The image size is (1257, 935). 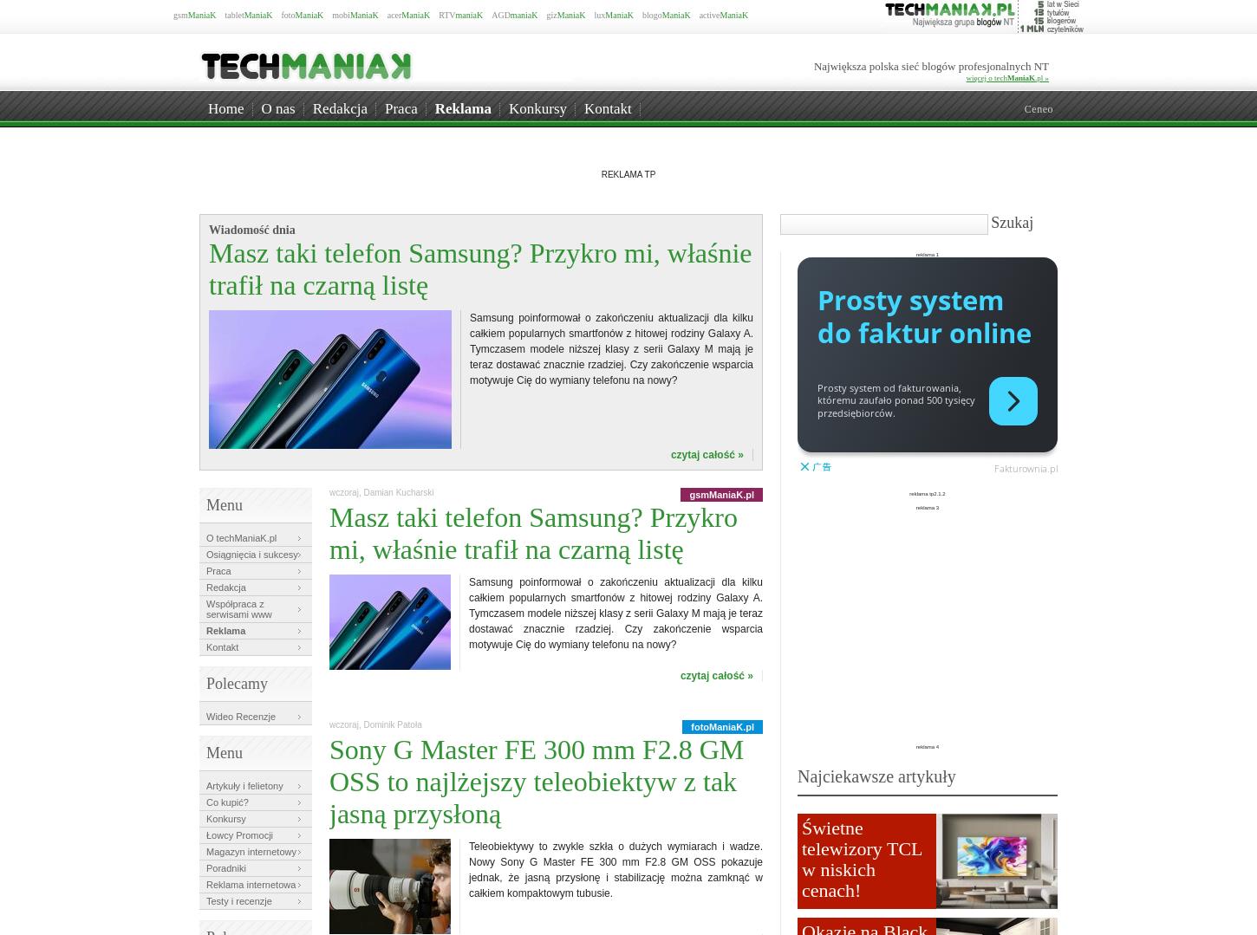 I want to click on 'Mobilna Pasja', so click(x=1002, y=114).